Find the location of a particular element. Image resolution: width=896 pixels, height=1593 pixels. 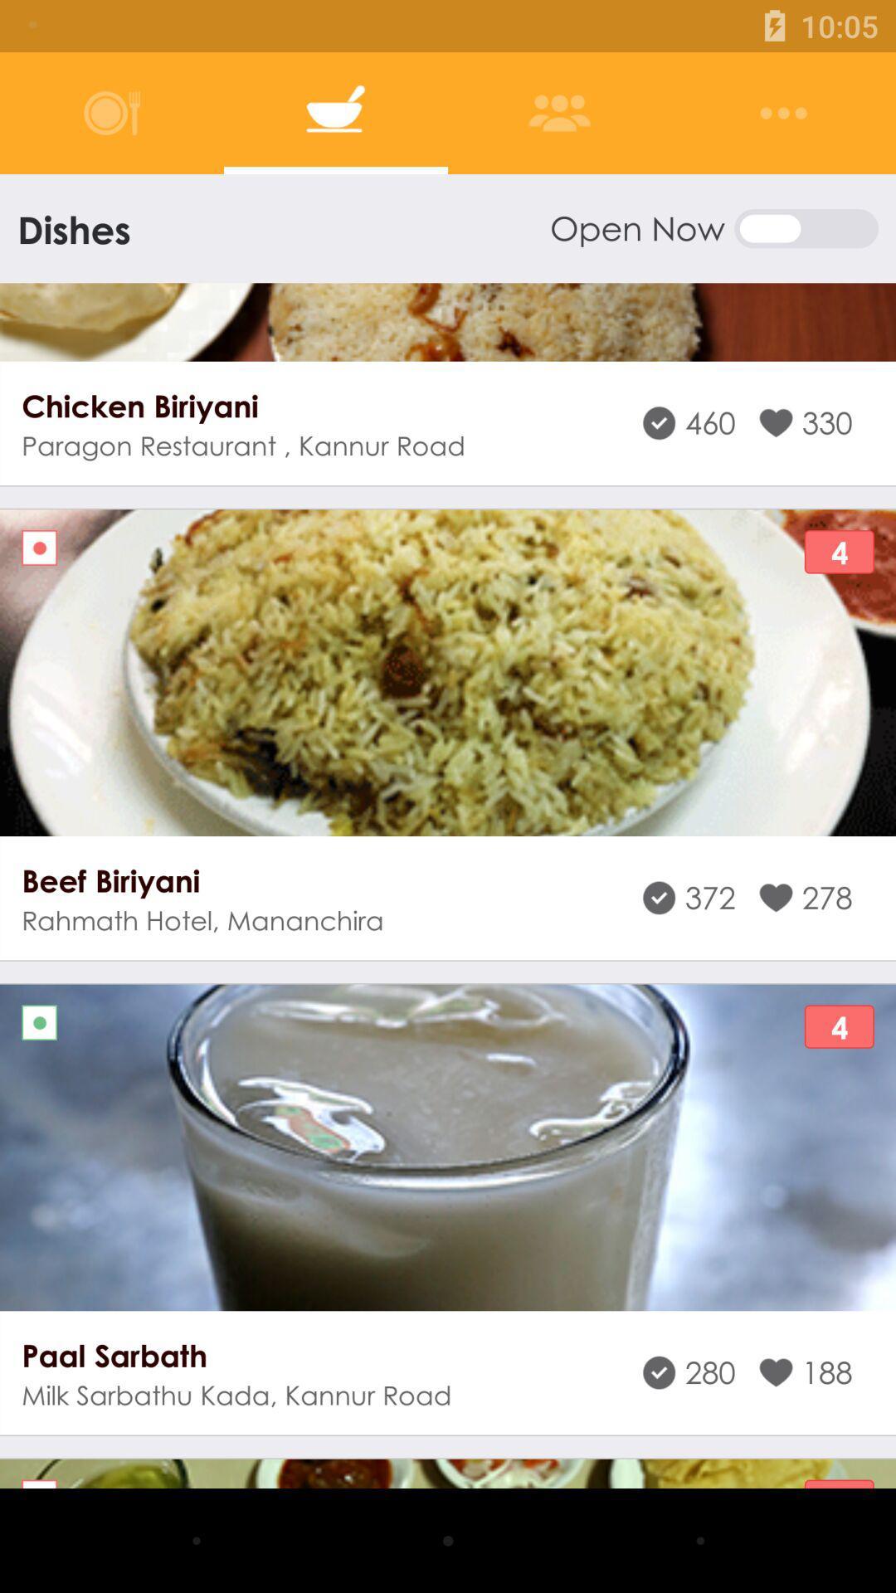

menu is located at coordinates (783, 113).